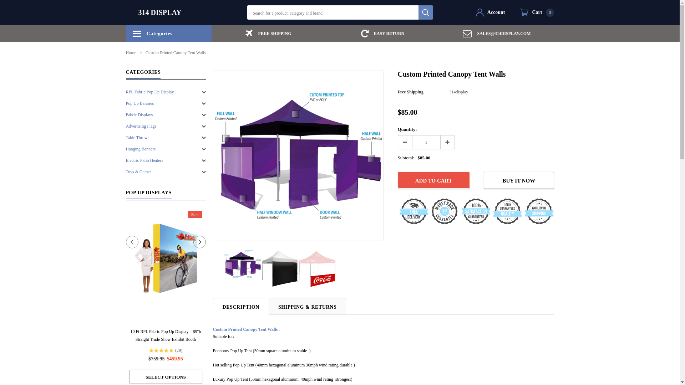 The width and height of the screenshot is (685, 385). Describe the element at coordinates (490, 12) in the screenshot. I see `'Account'` at that location.